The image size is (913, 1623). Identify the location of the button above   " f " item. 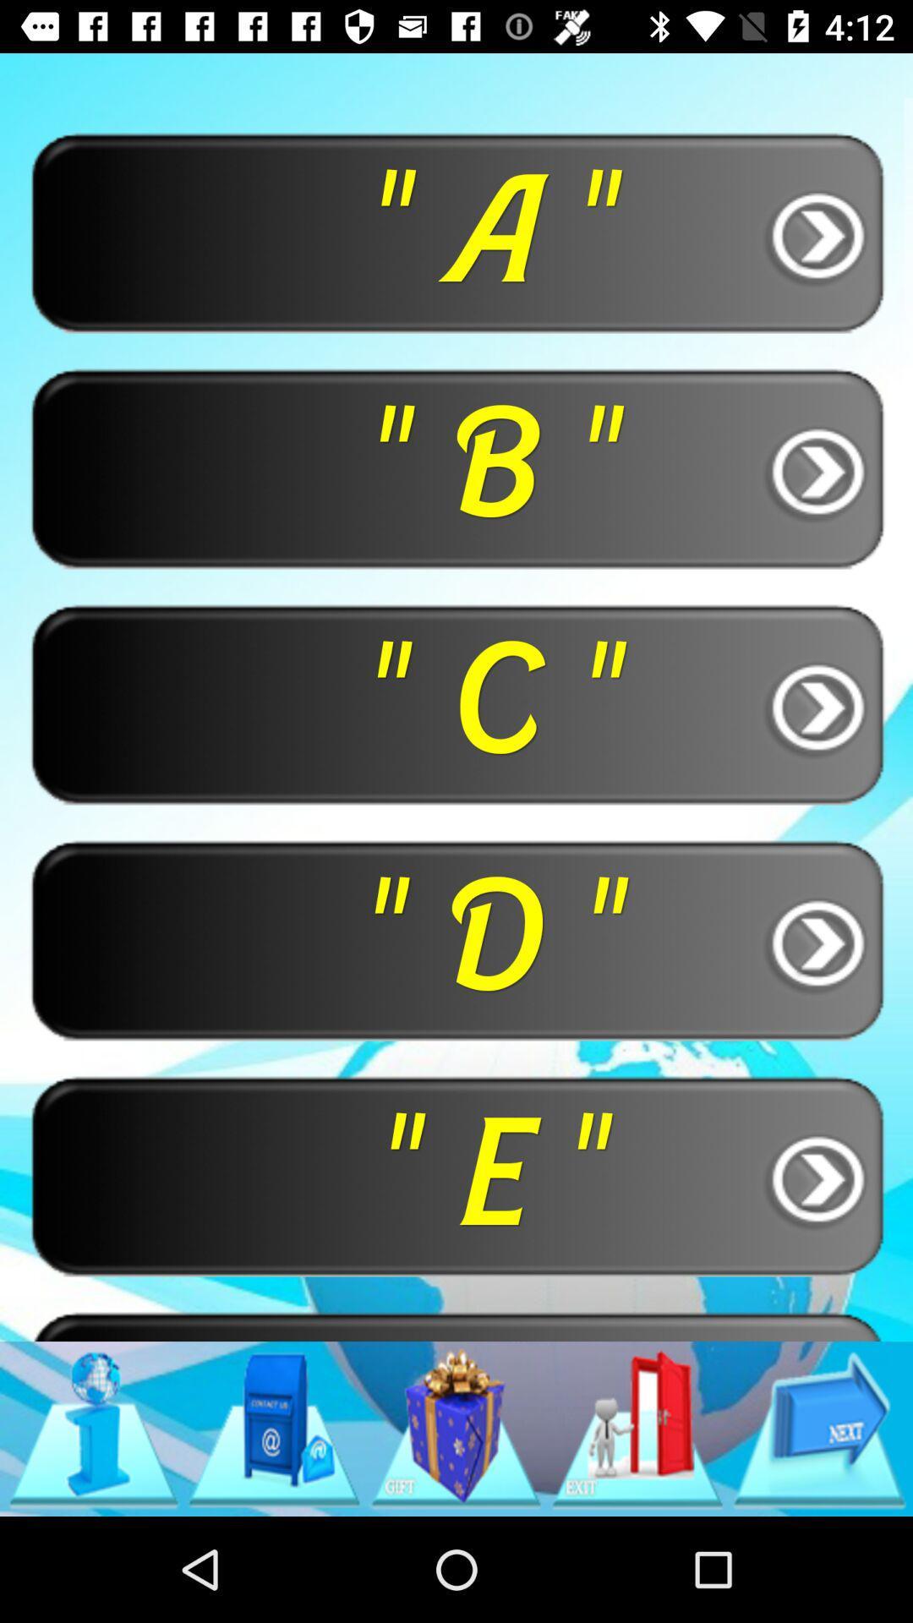
(456, 1174).